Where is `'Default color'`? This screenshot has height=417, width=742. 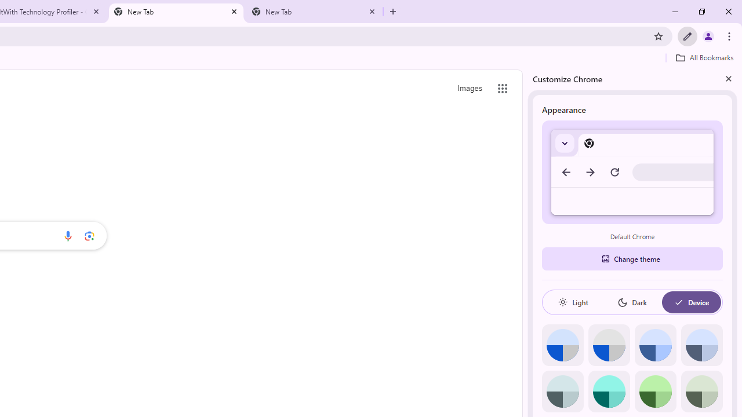 'Default color' is located at coordinates (562, 345).